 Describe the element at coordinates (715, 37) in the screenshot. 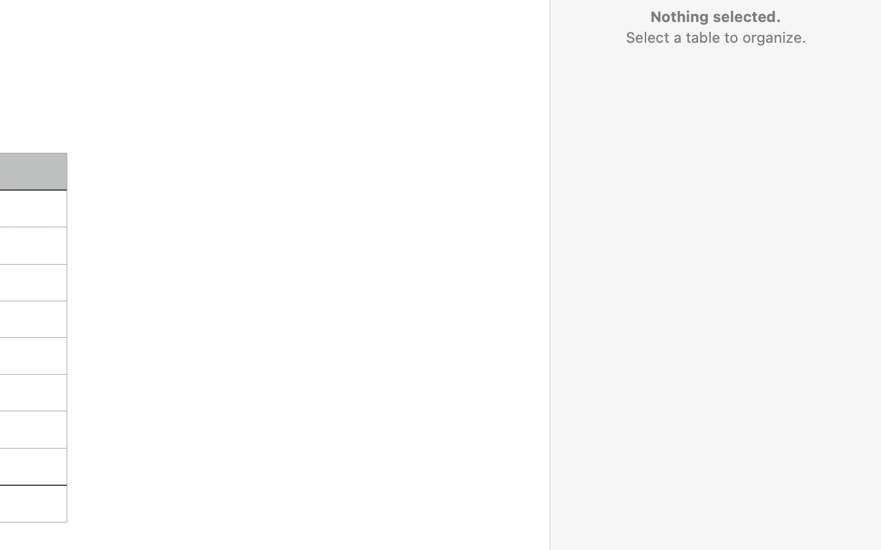

I see `'Select a table to organize.'` at that location.